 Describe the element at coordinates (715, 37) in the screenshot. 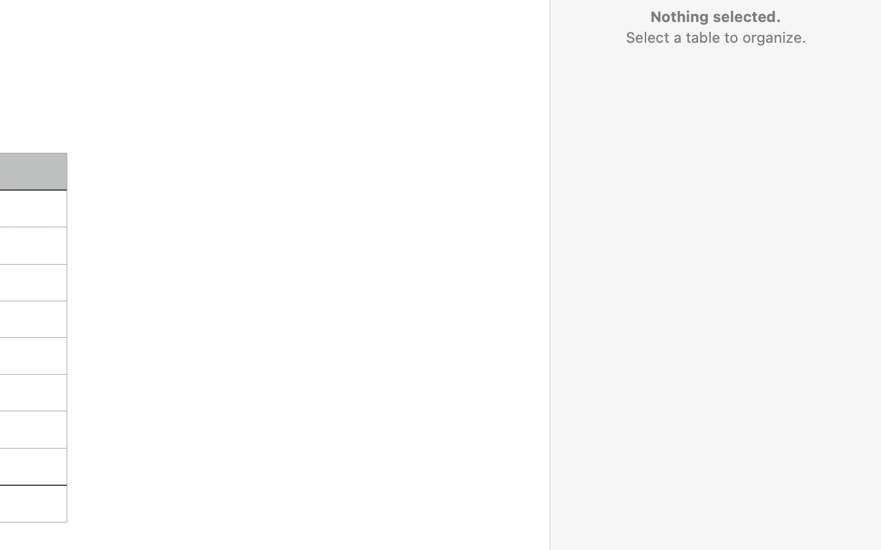

I see `'Select a table to organize.'` at that location.